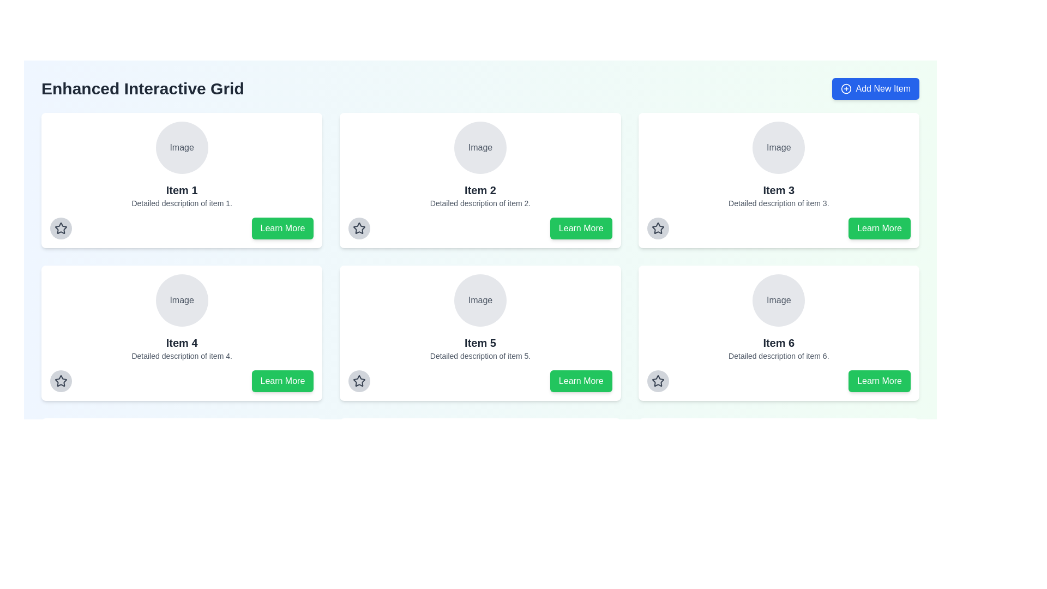  I want to click on the appearance of the circular icon with a plus sign, which is part of the 'Add New Item' button located in the top-right corner of the interface, so click(845, 88).